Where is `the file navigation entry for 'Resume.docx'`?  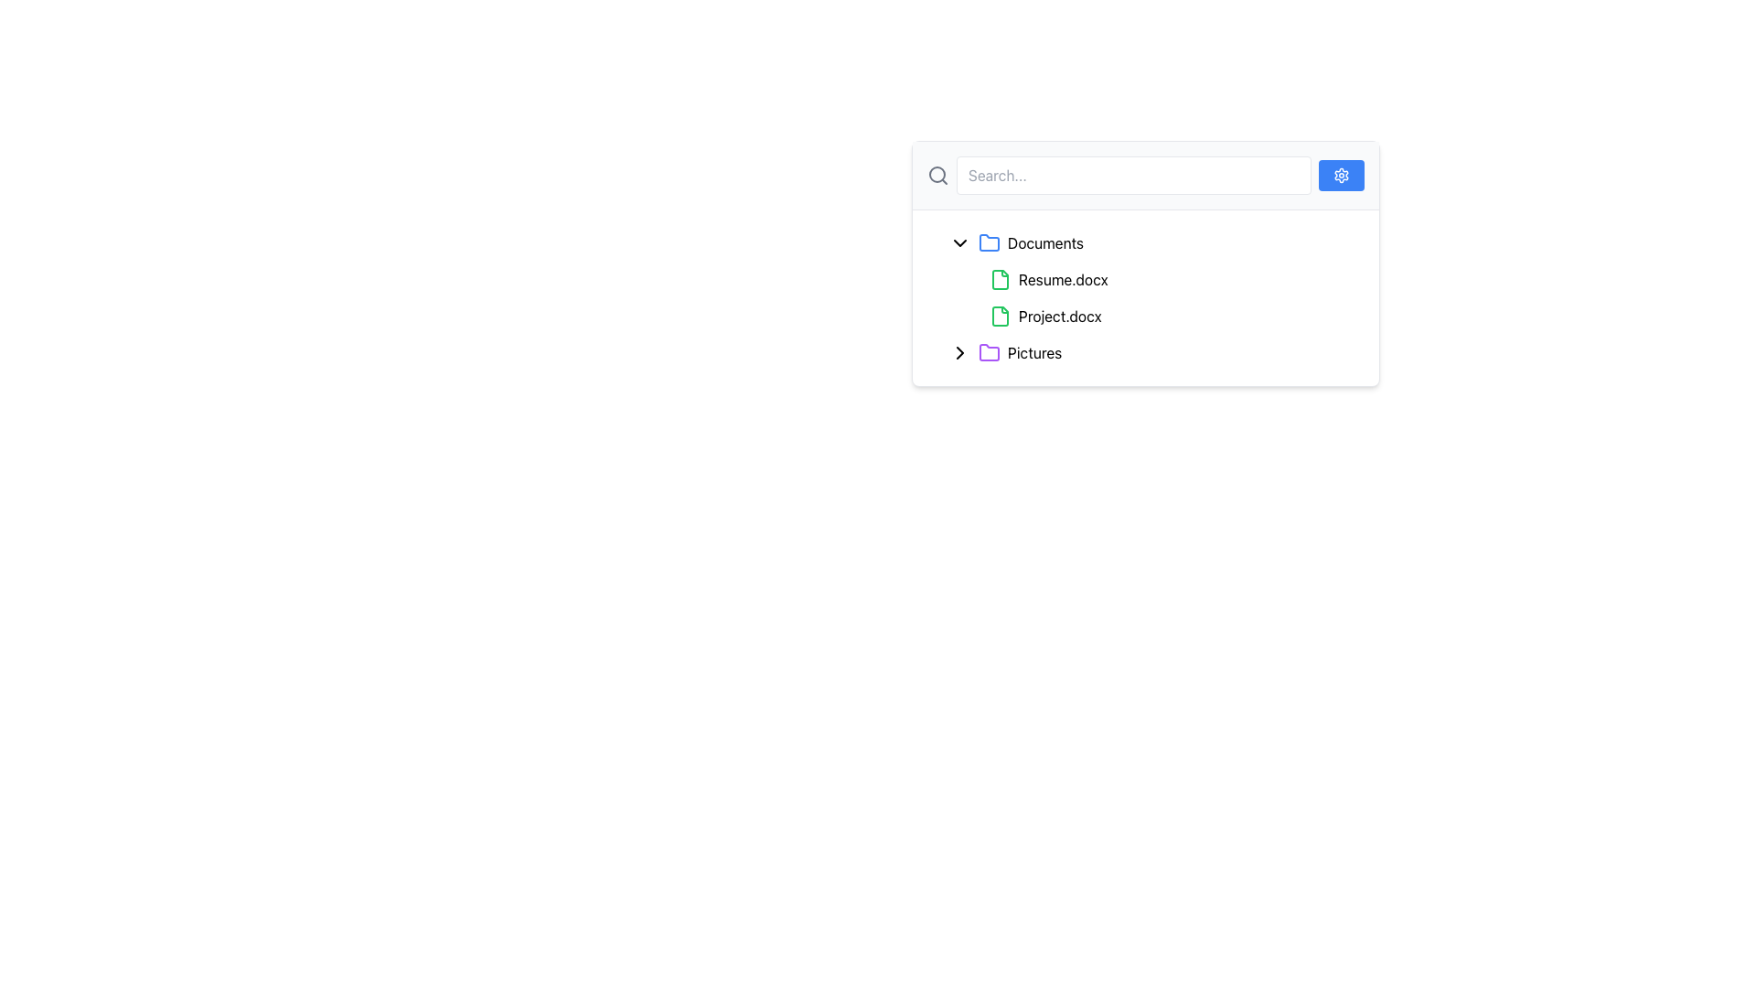 the file navigation entry for 'Resume.docx' is located at coordinates (1144, 279).